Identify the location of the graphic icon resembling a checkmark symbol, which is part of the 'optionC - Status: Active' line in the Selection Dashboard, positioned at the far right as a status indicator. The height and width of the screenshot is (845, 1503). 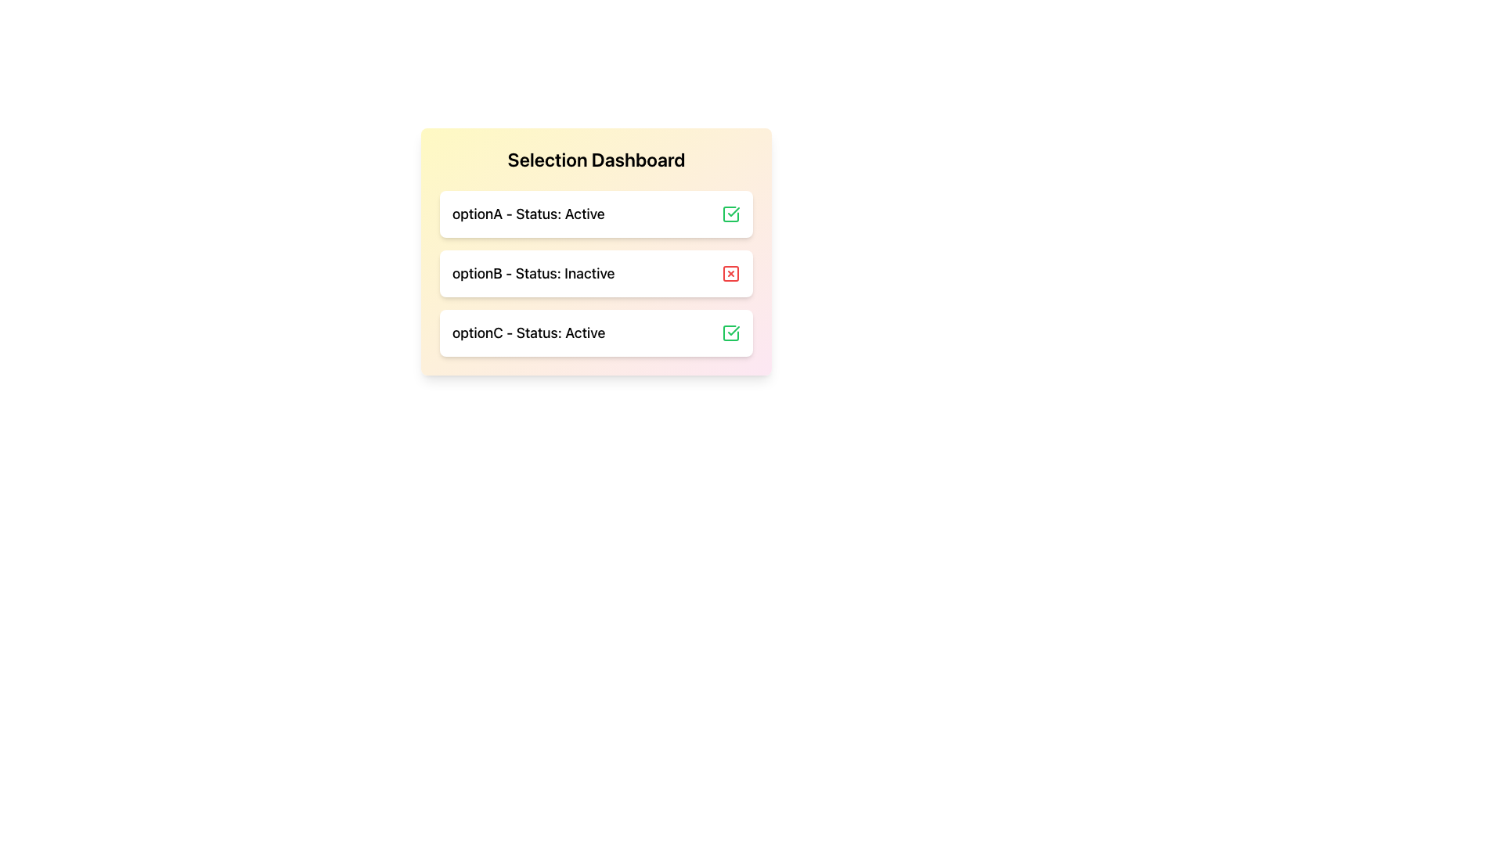
(733, 211).